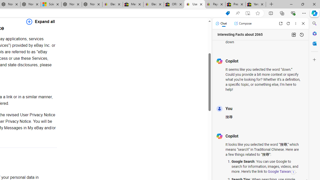  What do you see at coordinates (243, 23) in the screenshot?
I see `'Compose'` at bounding box center [243, 23].